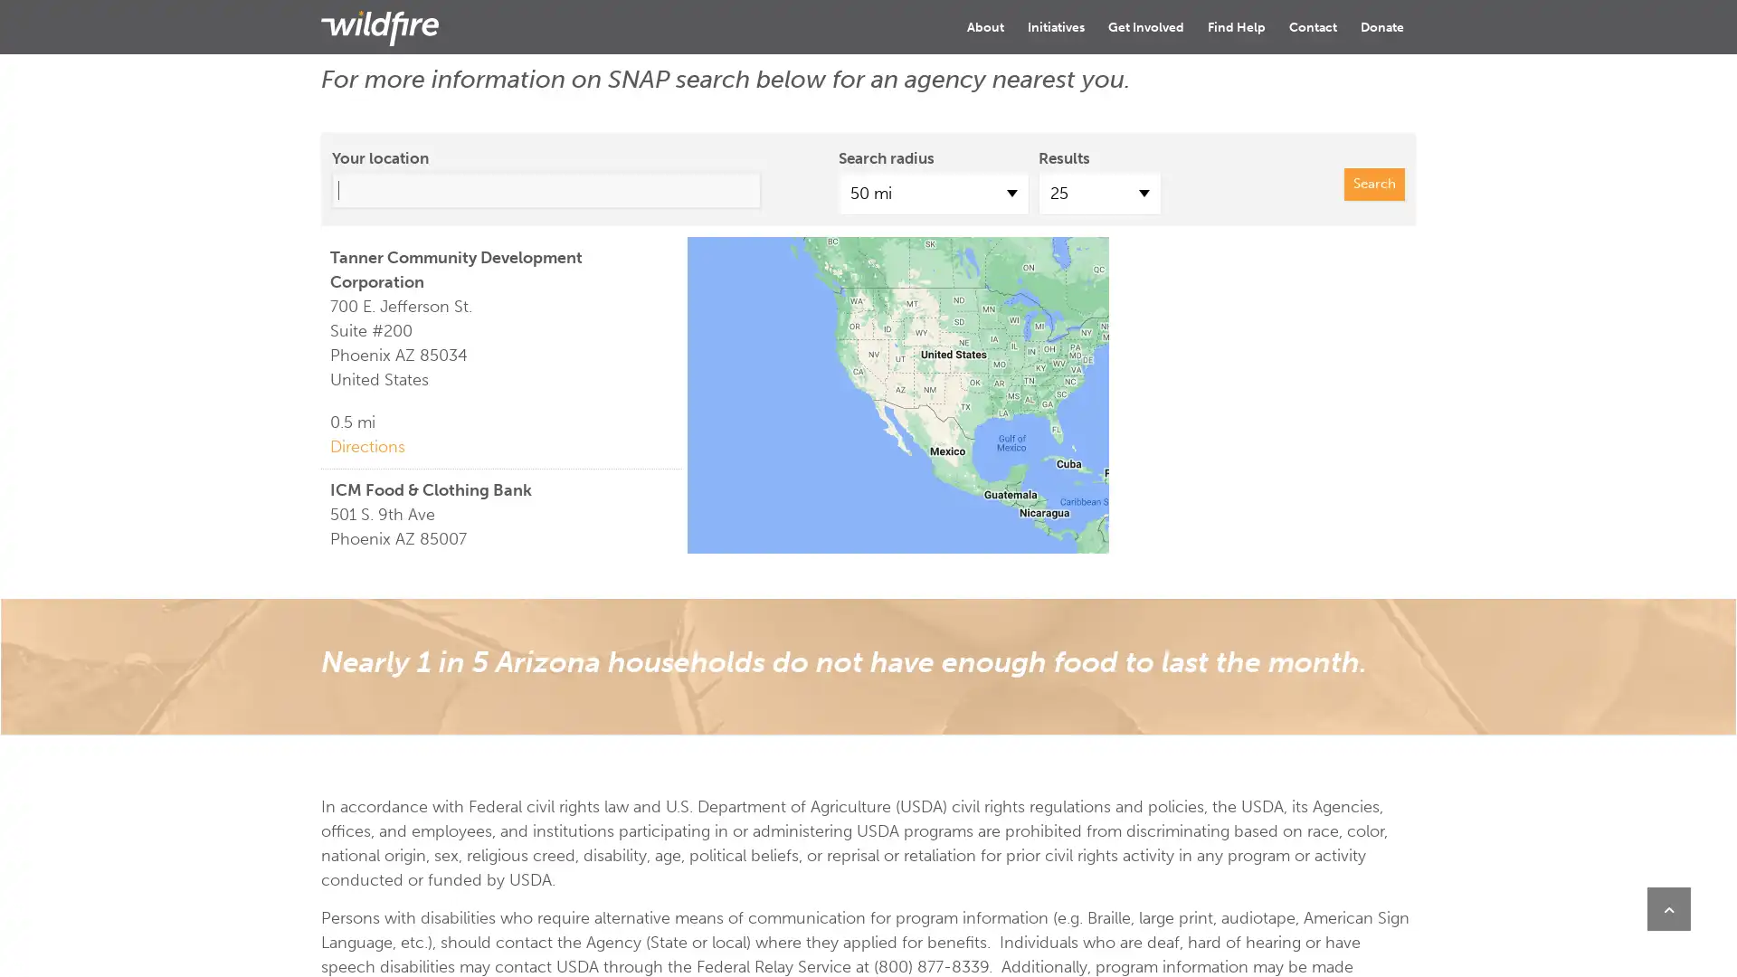  What do you see at coordinates (1043, 356) in the screenshot?
I see `Mountain Park Health Center  Baseline WIC Clinic` at bounding box center [1043, 356].